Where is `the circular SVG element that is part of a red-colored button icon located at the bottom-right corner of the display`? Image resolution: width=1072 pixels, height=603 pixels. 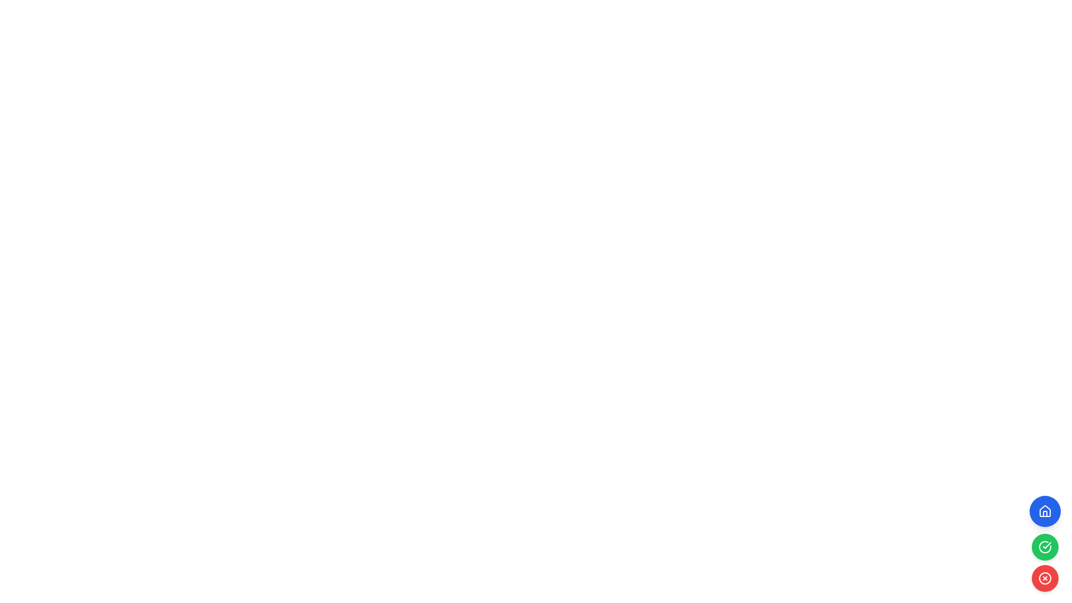 the circular SVG element that is part of a red-colored button icon located at the bottom-right corner of the display is located at coordinates (1045, 578).